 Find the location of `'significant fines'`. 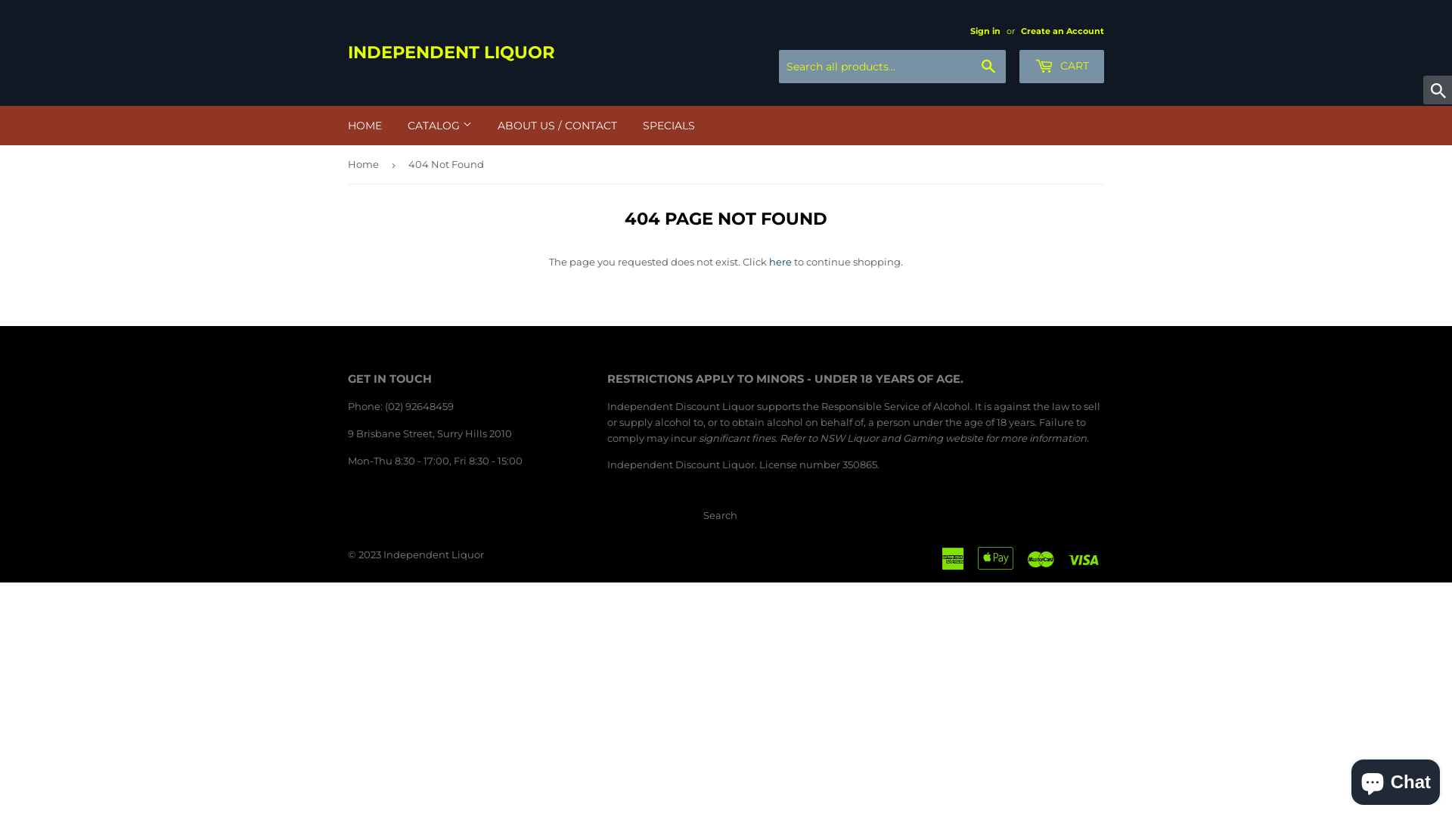

'significant fines' is located at coordinates (737, 437).